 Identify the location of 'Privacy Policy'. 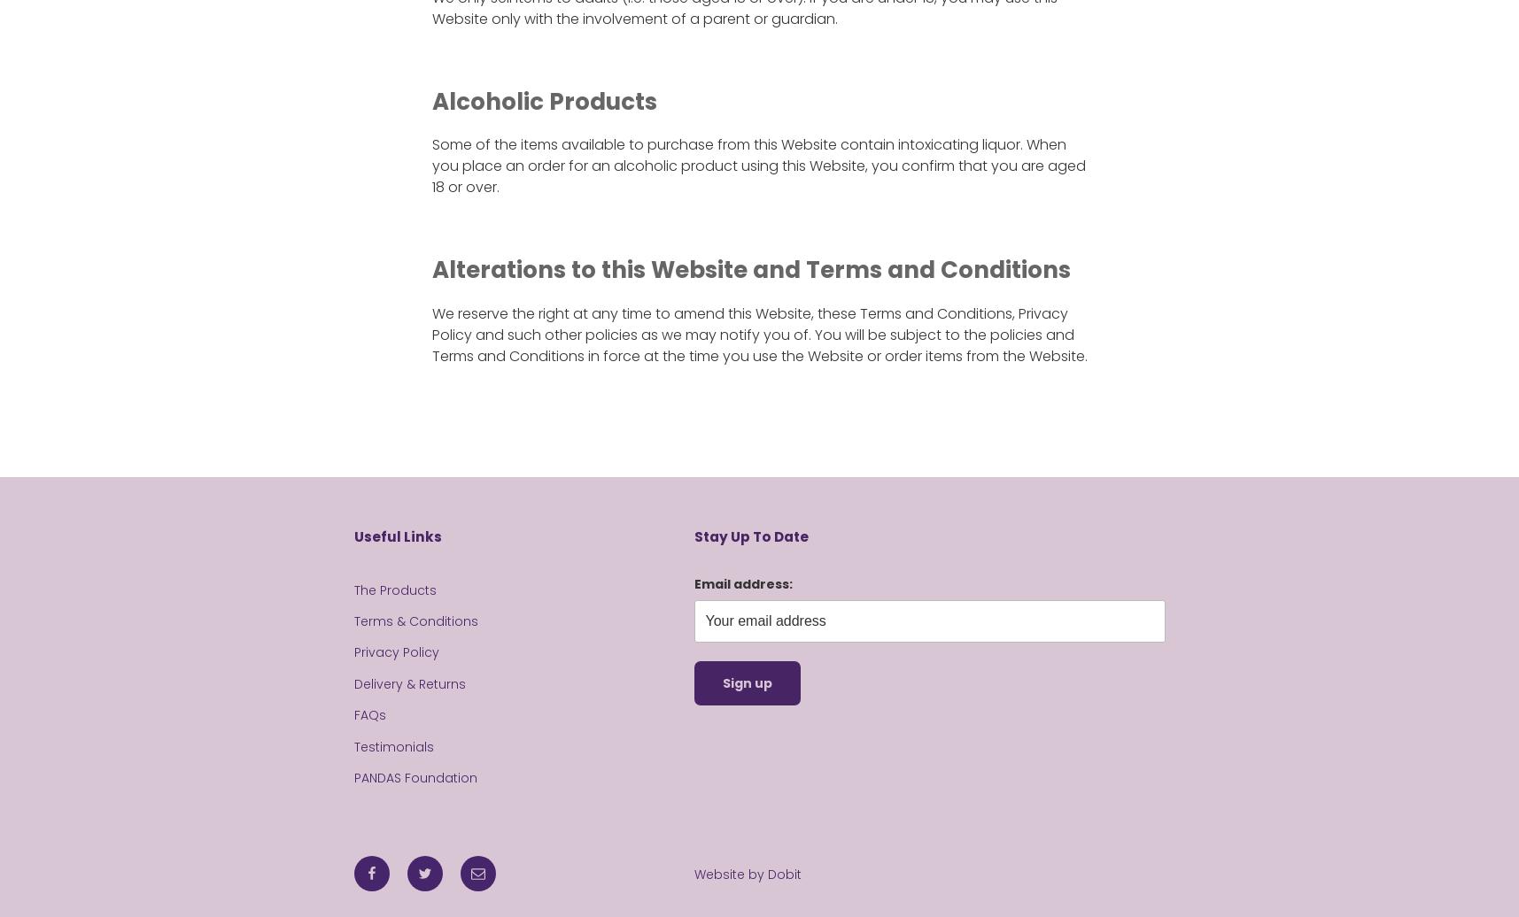
(353, 652).